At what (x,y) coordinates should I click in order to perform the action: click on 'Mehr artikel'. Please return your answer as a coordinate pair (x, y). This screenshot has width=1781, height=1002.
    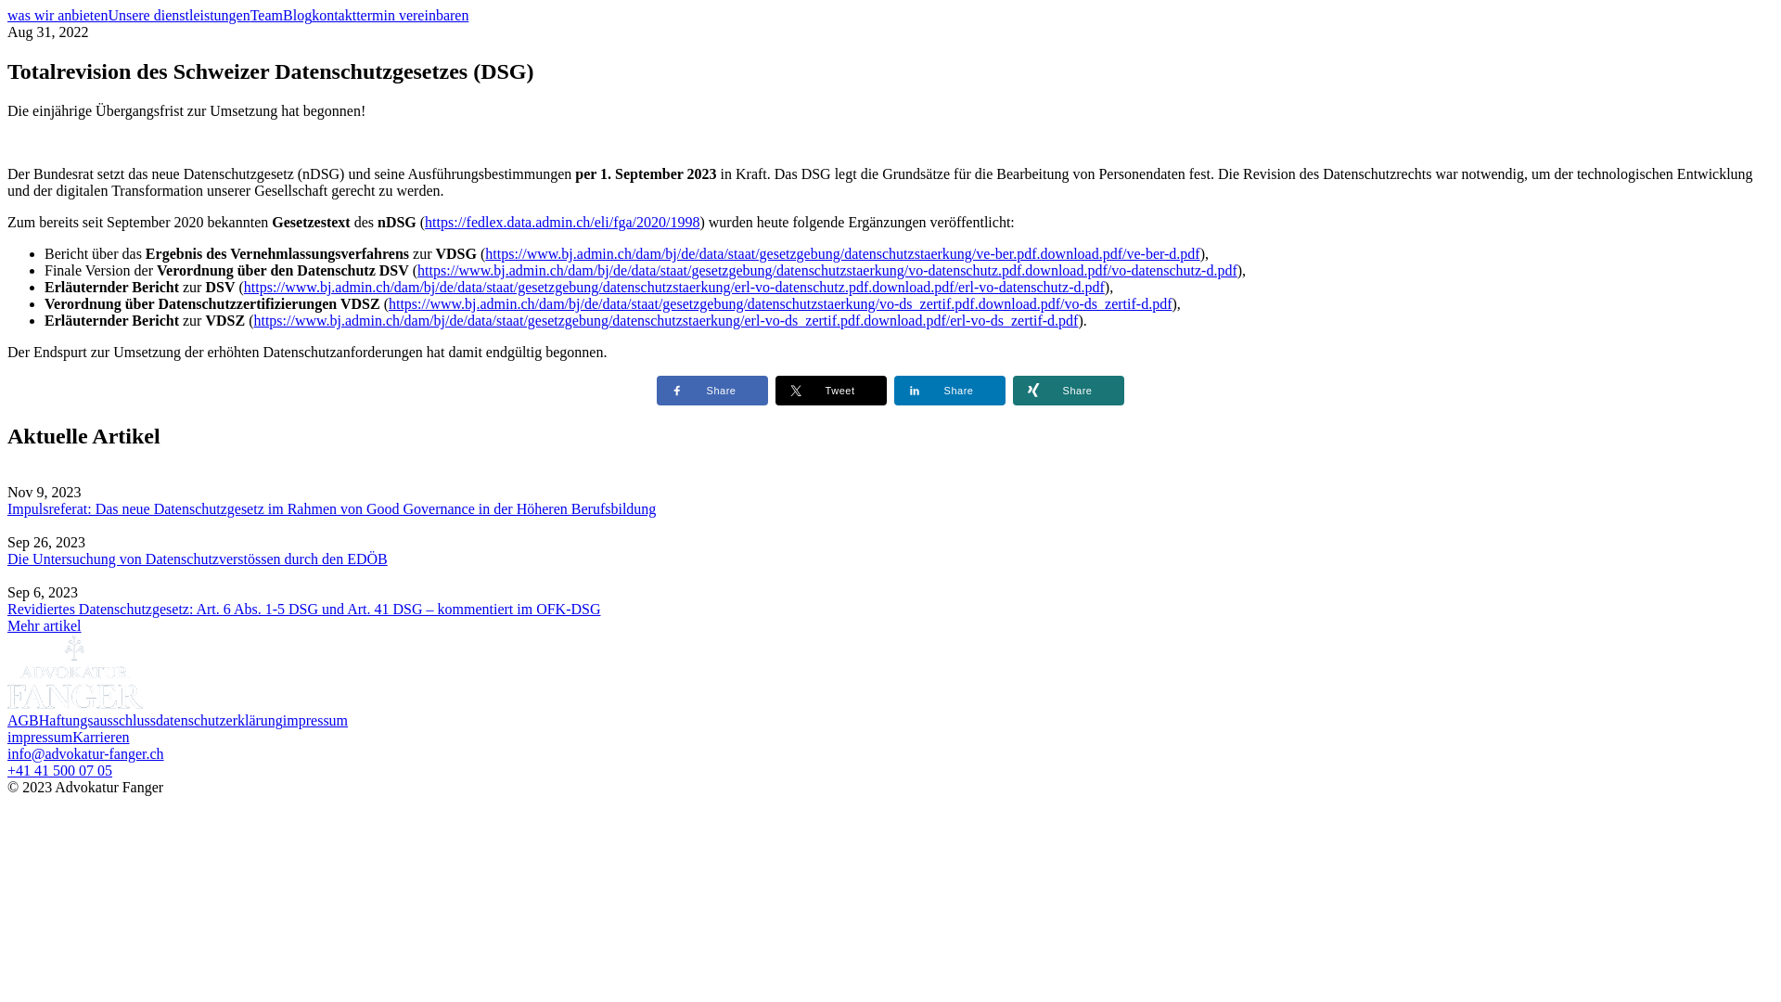
    Looking at the image, I should click on (45, 625).